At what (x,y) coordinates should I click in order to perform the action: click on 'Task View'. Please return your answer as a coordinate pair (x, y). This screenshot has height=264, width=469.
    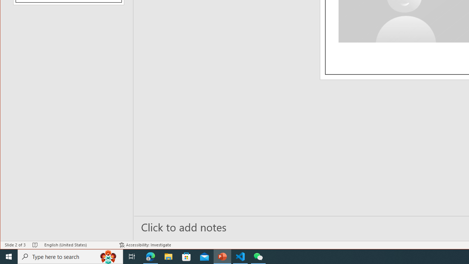
    Looking at the image, I should click on (132, 256).